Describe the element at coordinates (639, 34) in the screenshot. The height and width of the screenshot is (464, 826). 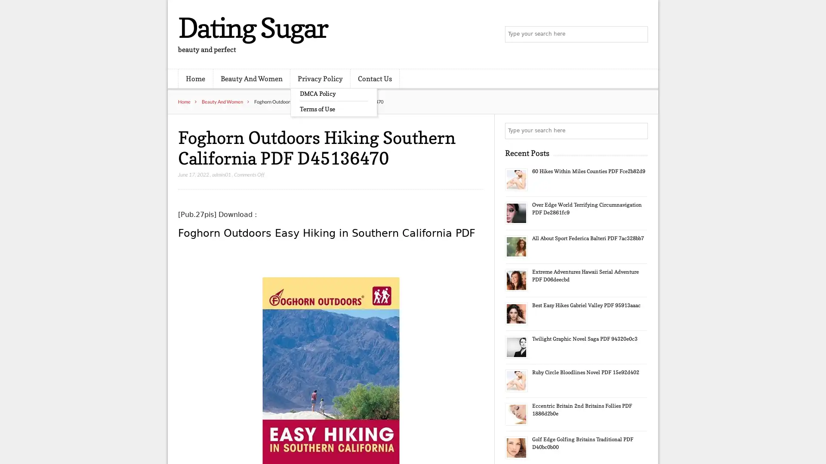
I see `Search` at that location.